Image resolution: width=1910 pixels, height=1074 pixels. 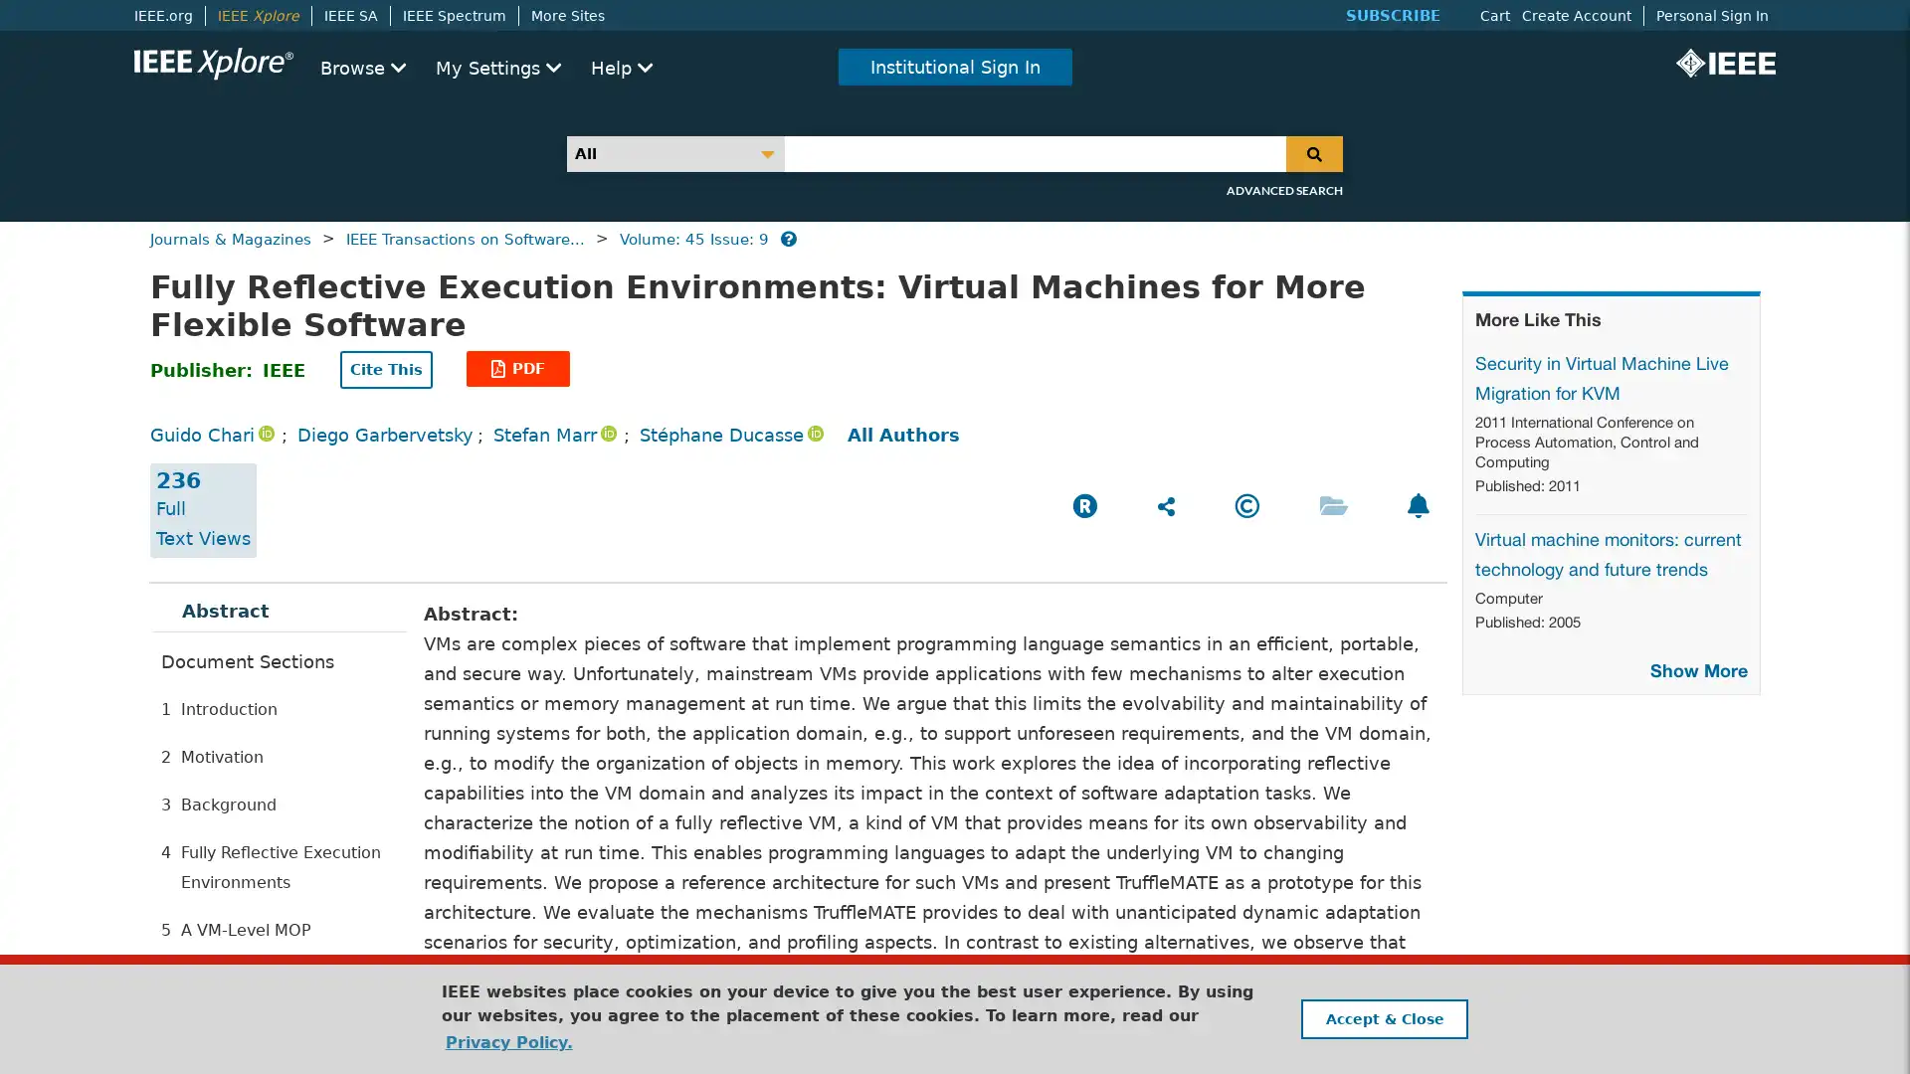 What do you see at coordinates (507, 1041) in the screenshot?
I see `learn more about cookies` at bounding box center [507, 1041].